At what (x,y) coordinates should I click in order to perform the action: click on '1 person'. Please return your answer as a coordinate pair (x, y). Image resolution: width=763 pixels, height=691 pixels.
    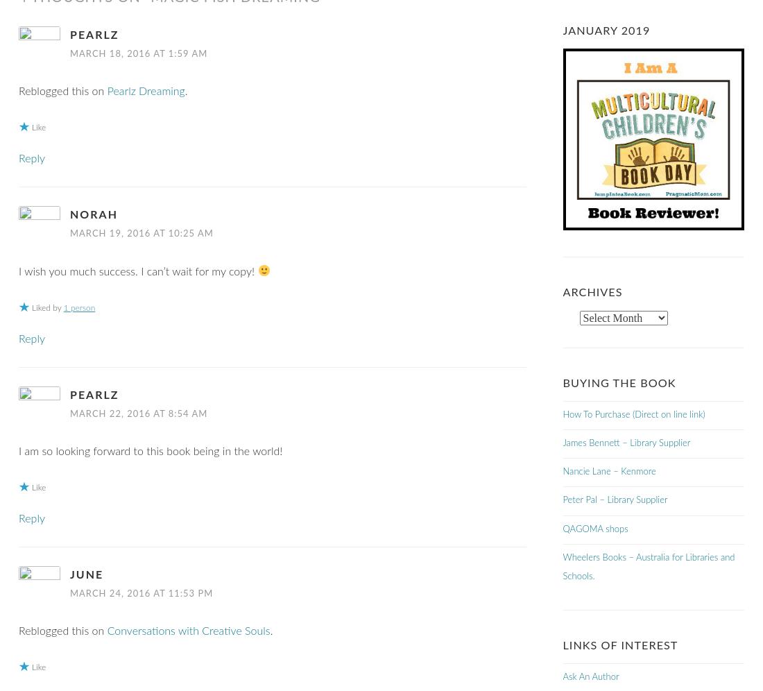
    Looking at the image, I should click on (62, 307).